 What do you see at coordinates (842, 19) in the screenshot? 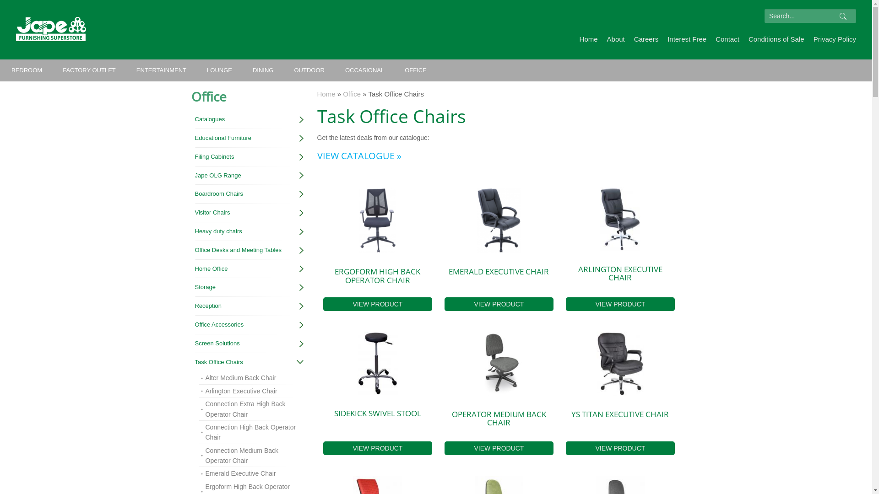
I see `'Search'` at bounding box center [842, 19].